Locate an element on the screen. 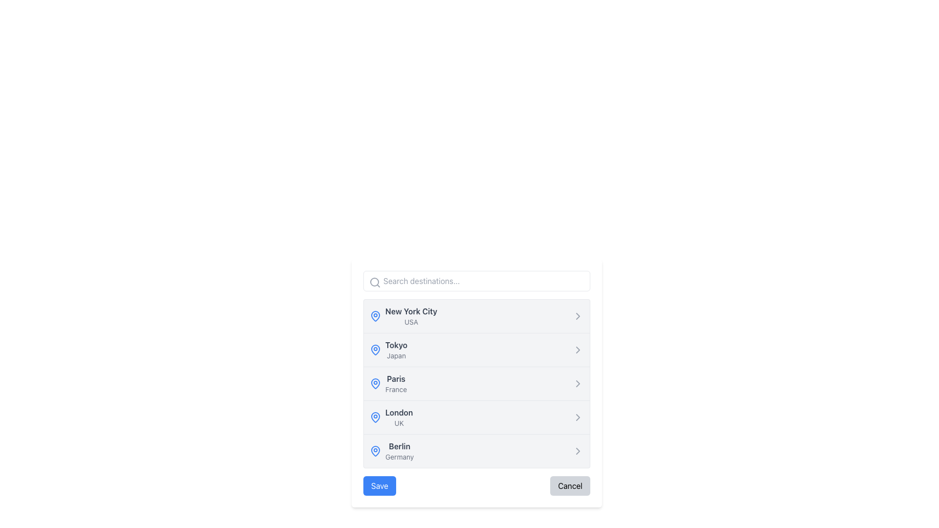 Image resolution: width=939 pixels, height=528 pixels. the location pin icon that signifies the associated location 'Paris' in the list, positioned before the text block displaying 'Paris' is located at coordinates (375, 383).